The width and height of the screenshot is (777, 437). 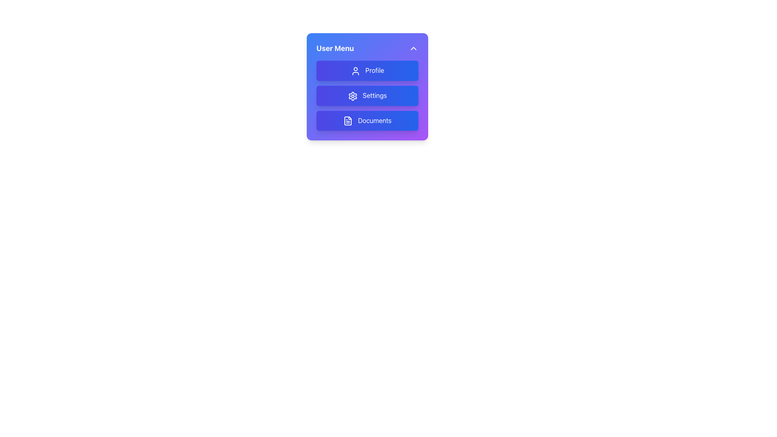 I want to click on the upwards-pointing chevron button with a white outline in the top-right corner of the 'User Menu' dropdown, so click(x=414, y=48).